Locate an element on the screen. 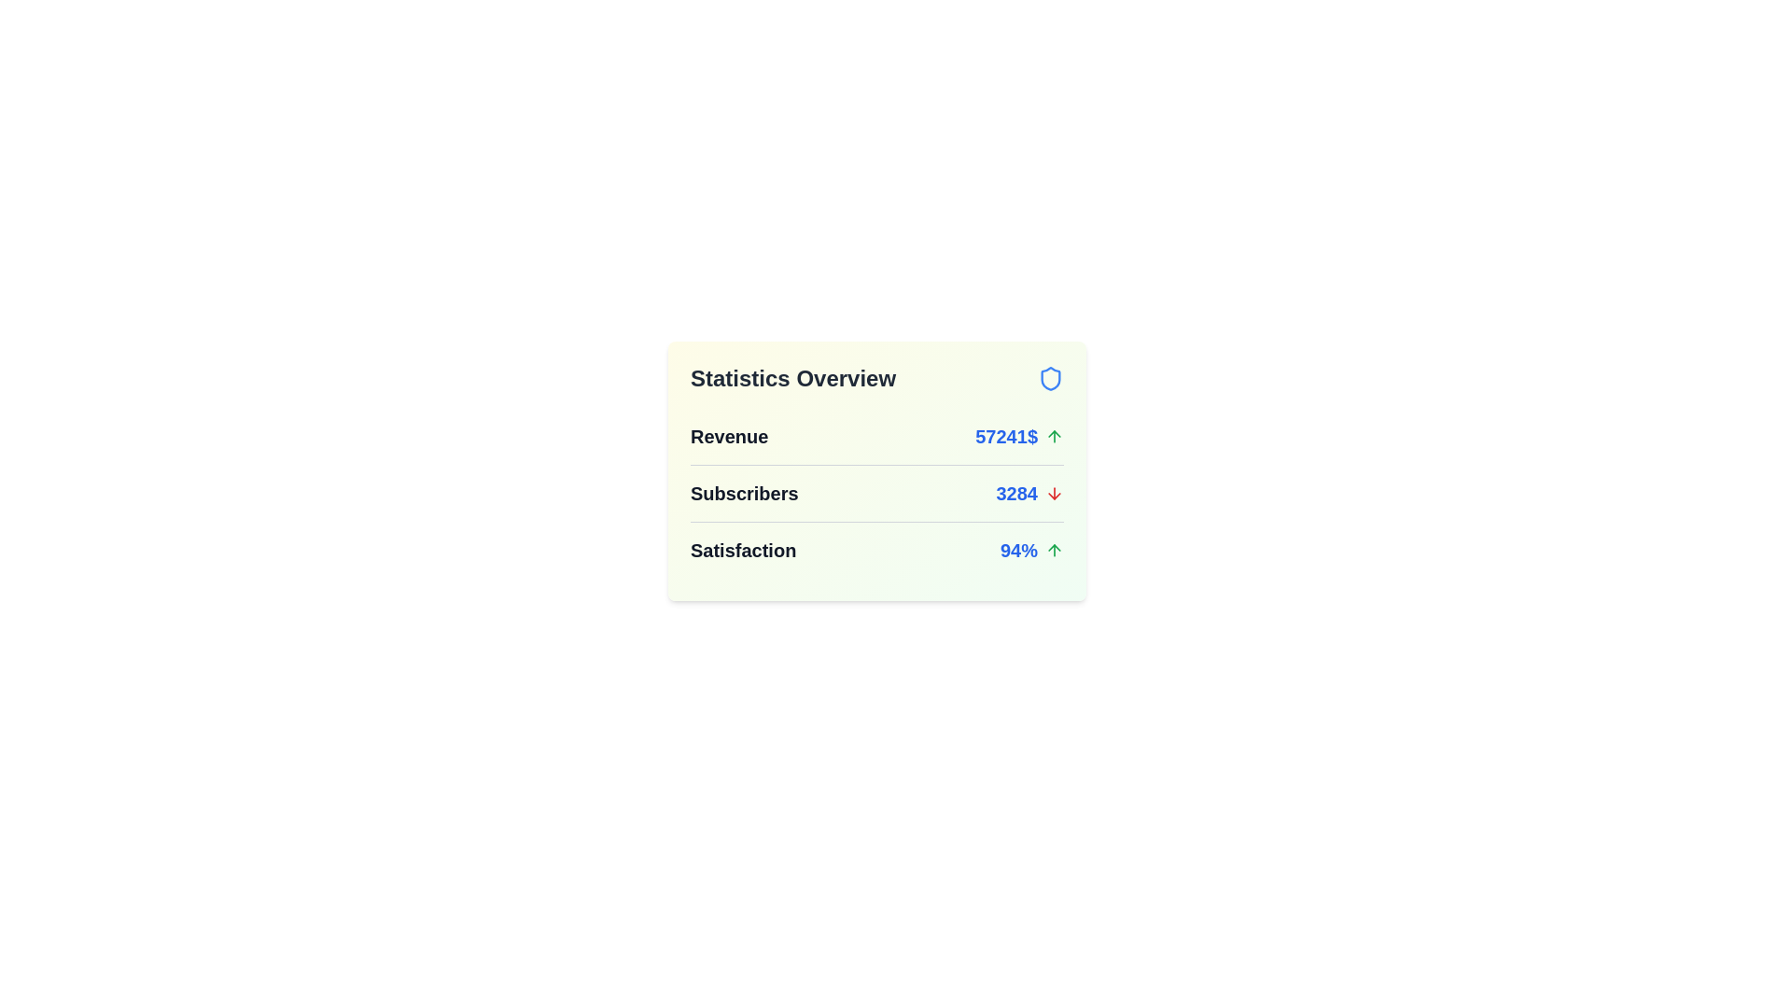 The image size is (1792, 1008). the numeric value 57241$ to select it is located at coordinates (1005, 436).